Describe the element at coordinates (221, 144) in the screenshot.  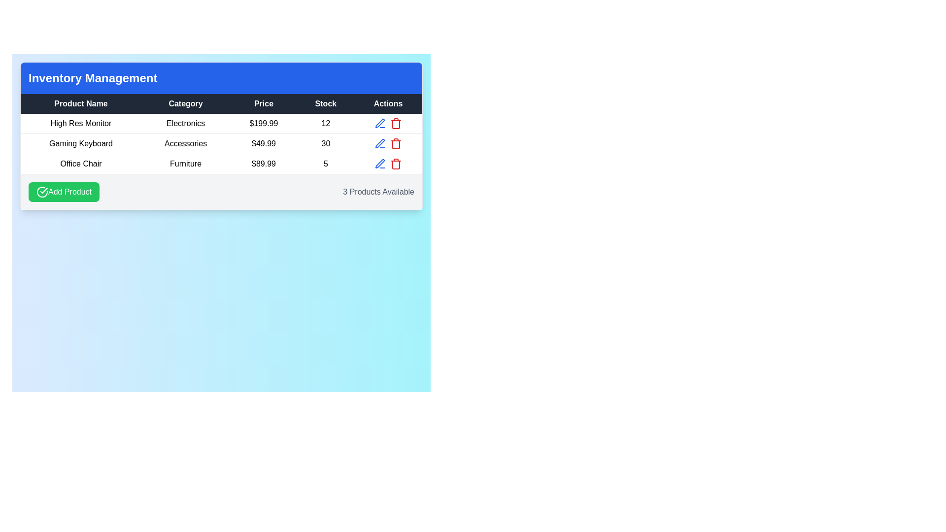
I see `to select the product entry row in the inventory table, specifically the row positioned beneath 'High Res Monitor' and above 'Office Chair'` at that location.